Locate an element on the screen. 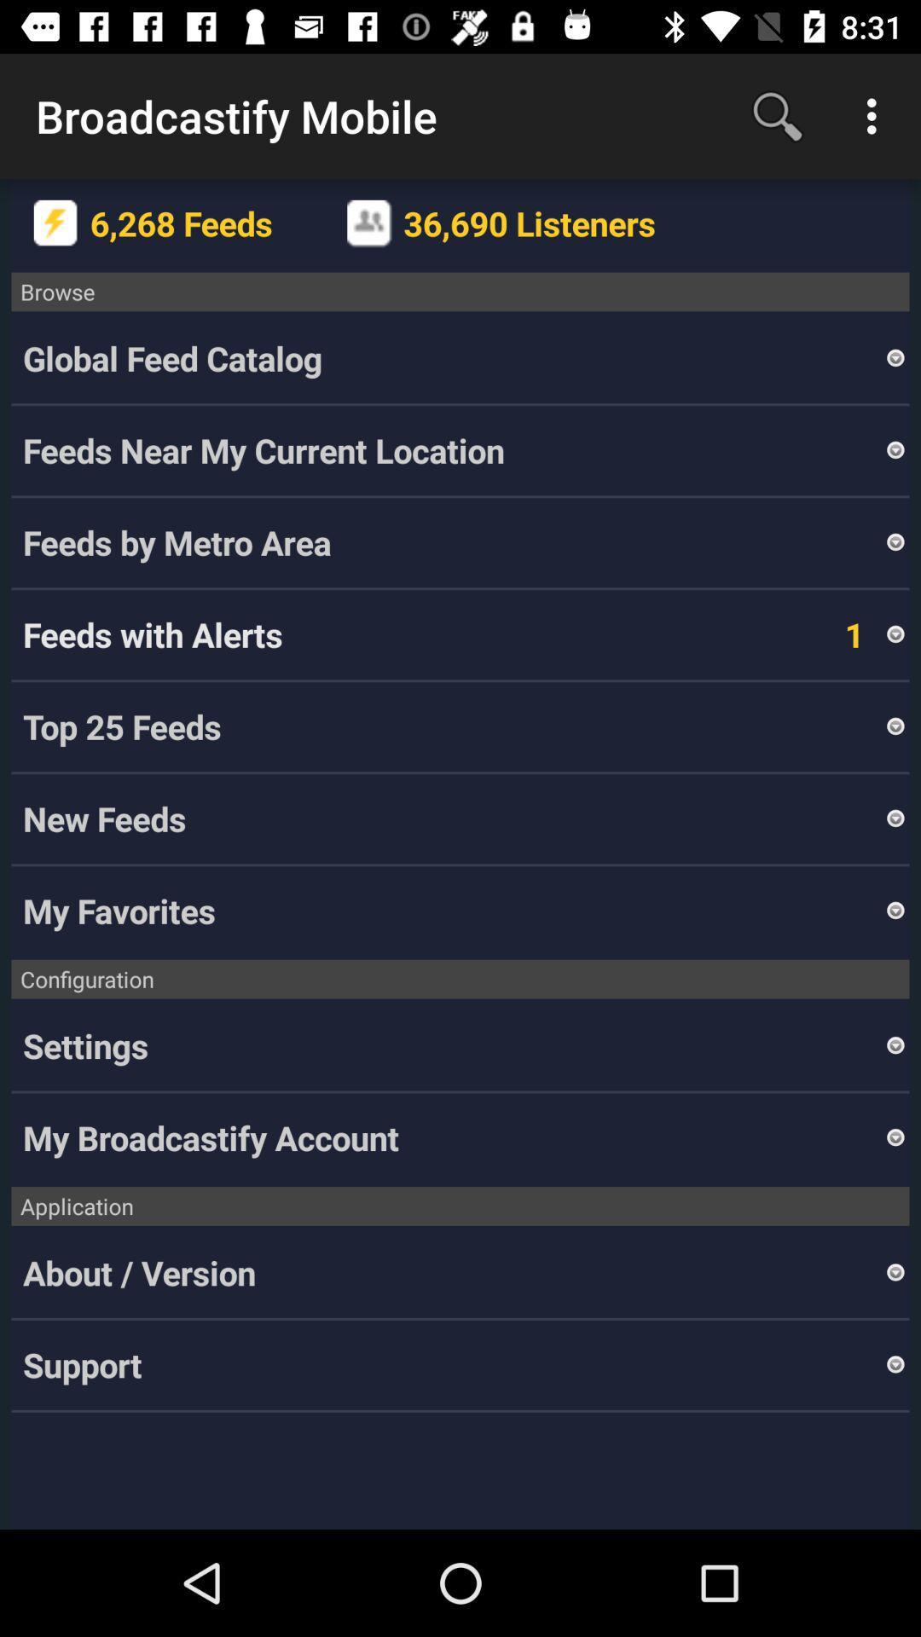  icon below the feeds by metro is located at coordinates (829, 633).